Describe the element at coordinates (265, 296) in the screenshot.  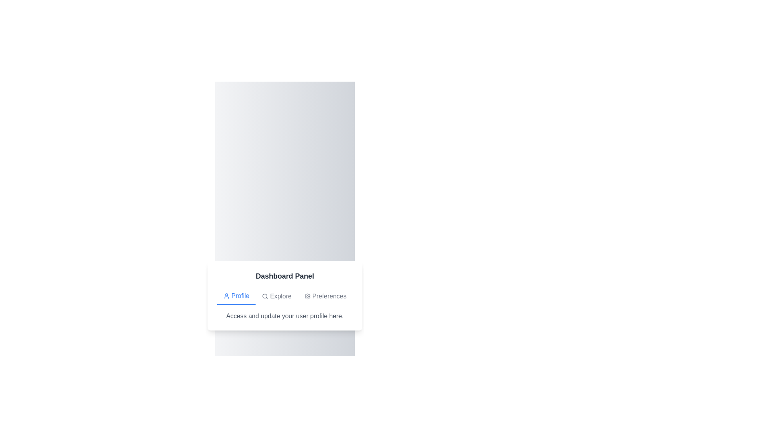
I see `the 'Explore' icon, which is the first visual indicator associated with the 'Explore' option, located to the left of the text 'Explore' in a horizontal list of options` at that location.